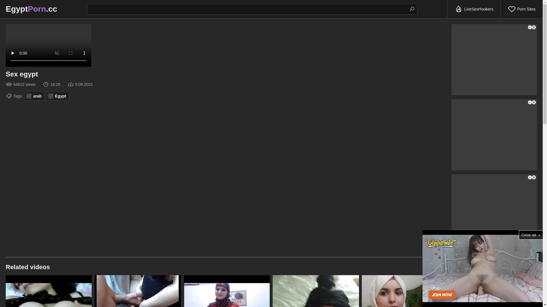 The height and width of the screenshot is (307, 547). What do you see at coordinates (58, 96) in the screenshot?
I see `'Egypt'` at bounding box center [58, 96].